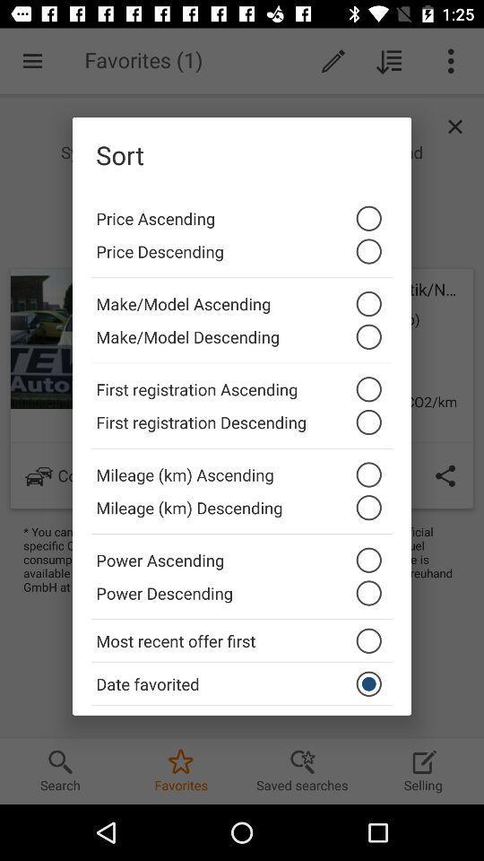 The width and height of the screenshot is (484, 861). What do you see at coordinates (242, 554) in the screenshot?
I see `the power ascending icon` at bounding box center [242, 554].